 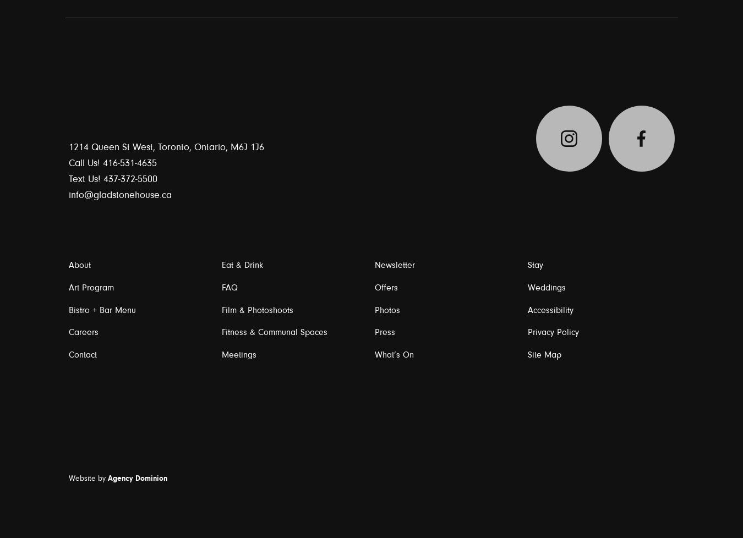 I want to click on 'Offers', so click(x=386, y=287).